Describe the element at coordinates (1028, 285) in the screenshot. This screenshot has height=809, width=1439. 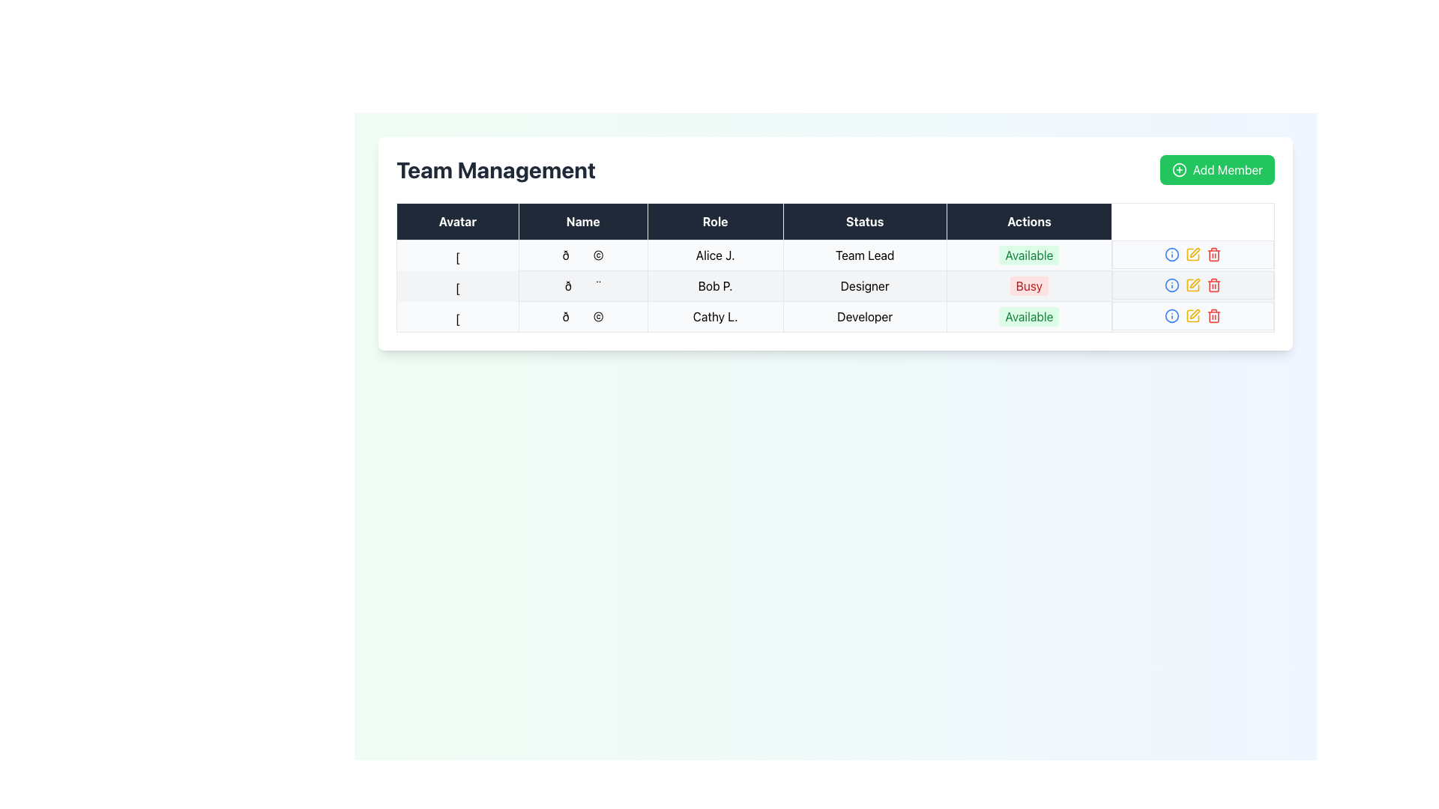
I see `the status indicator labeled 'Busy' for the user 'Bob P.' in the Actions column of the table` at that location.